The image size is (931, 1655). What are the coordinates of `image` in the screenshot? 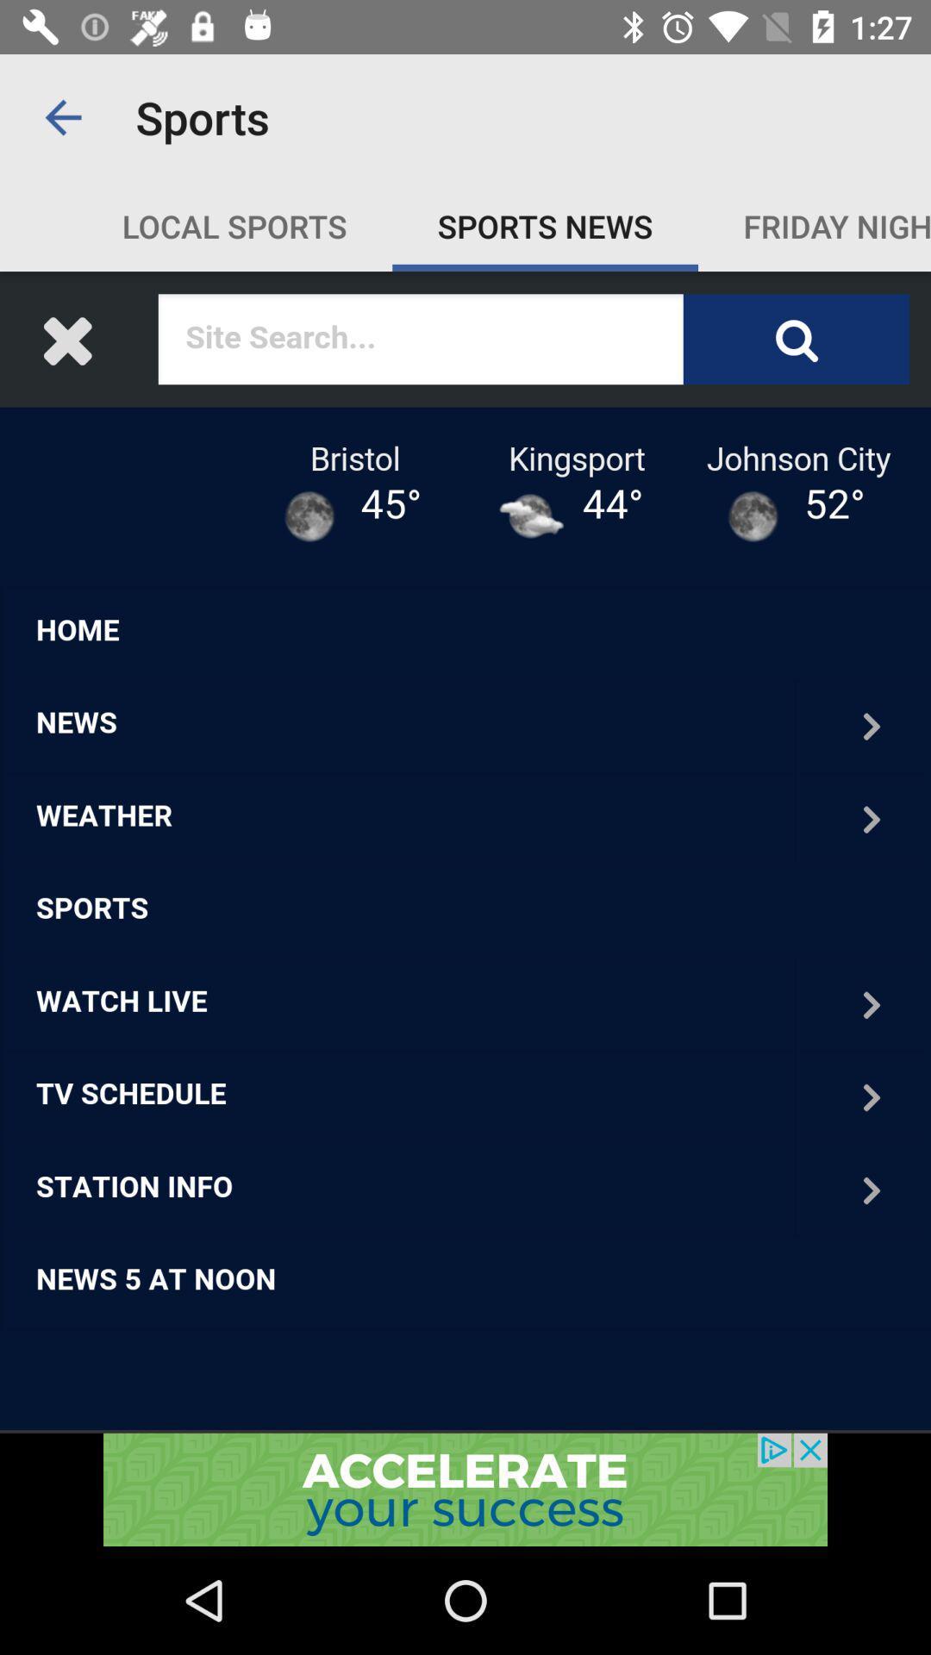 It's located at (465, 852).